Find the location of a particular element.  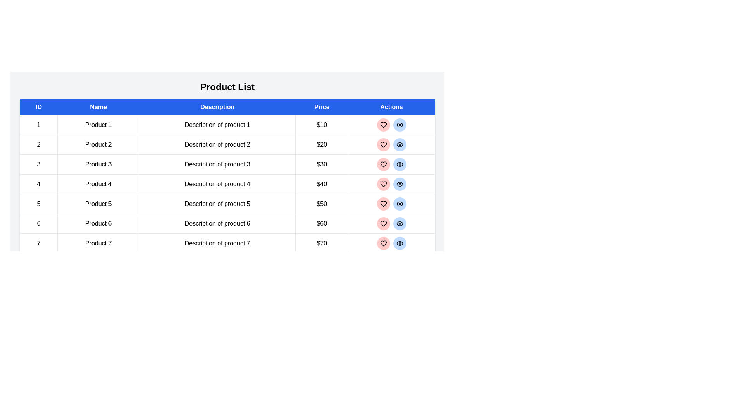

the column header Price to sort the table by that column is located at coordinates (322, 107).